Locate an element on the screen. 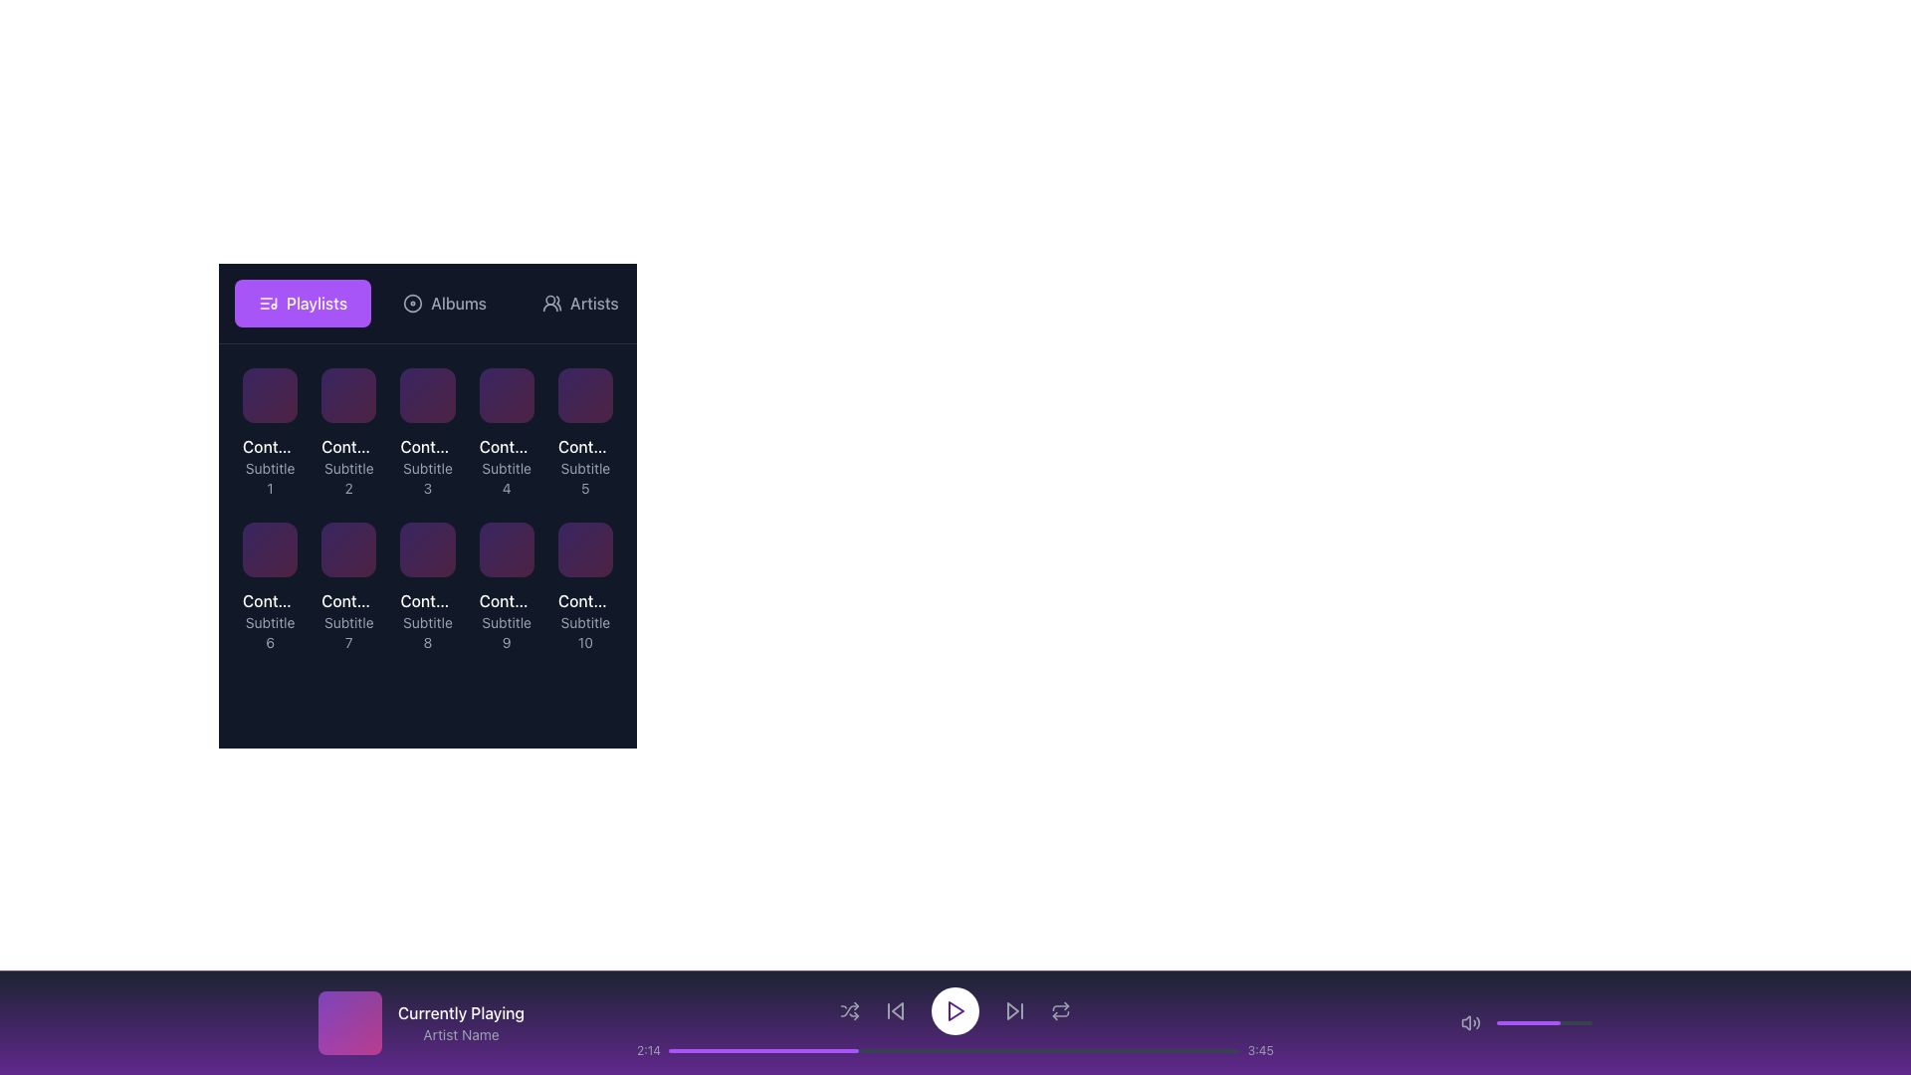  the thumbnail or visual placeholder representing the ninth item in a 2-row grid layout, located in the bottom row and fourth from the left is located at coordinates (507, 549).